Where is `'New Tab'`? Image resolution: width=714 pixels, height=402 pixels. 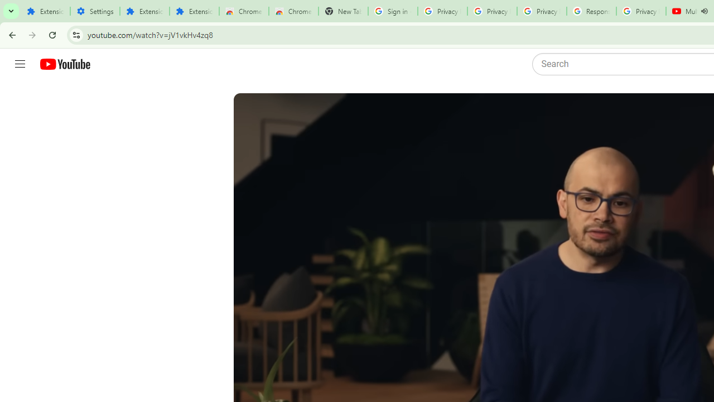 'New Tab' is located at coordinates (342, 11).